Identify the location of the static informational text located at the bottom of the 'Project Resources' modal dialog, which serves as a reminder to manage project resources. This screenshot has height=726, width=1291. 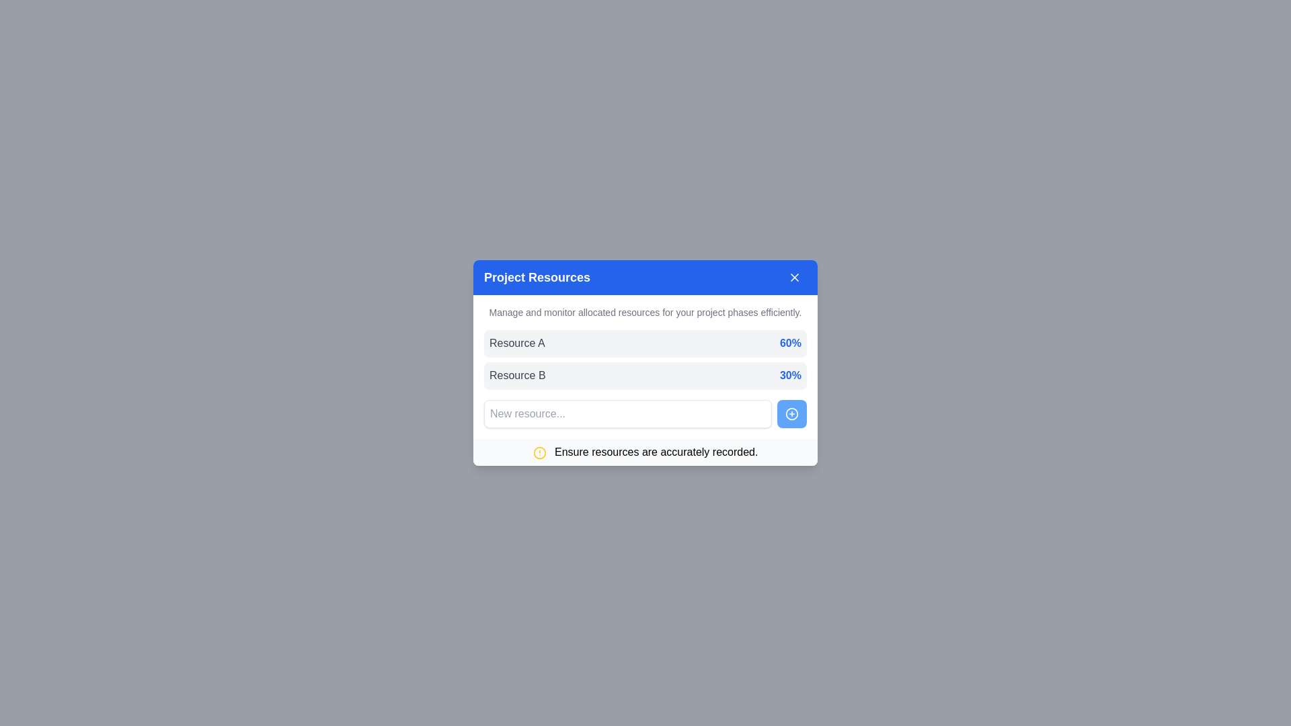
(645, 452).